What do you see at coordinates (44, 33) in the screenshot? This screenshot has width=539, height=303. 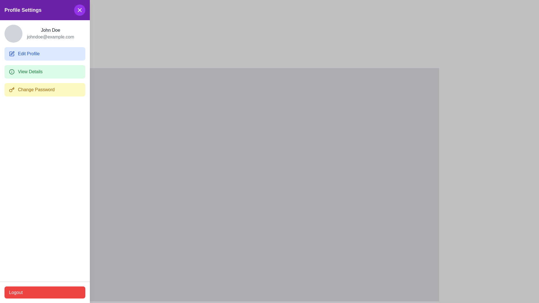 I see `user's name 'John Doe' and email 'johndoe@example.com' from the Profile display section located in the upper section of the sidebar labeled 'Profile Settings.'` at bounding box center [44, 33].